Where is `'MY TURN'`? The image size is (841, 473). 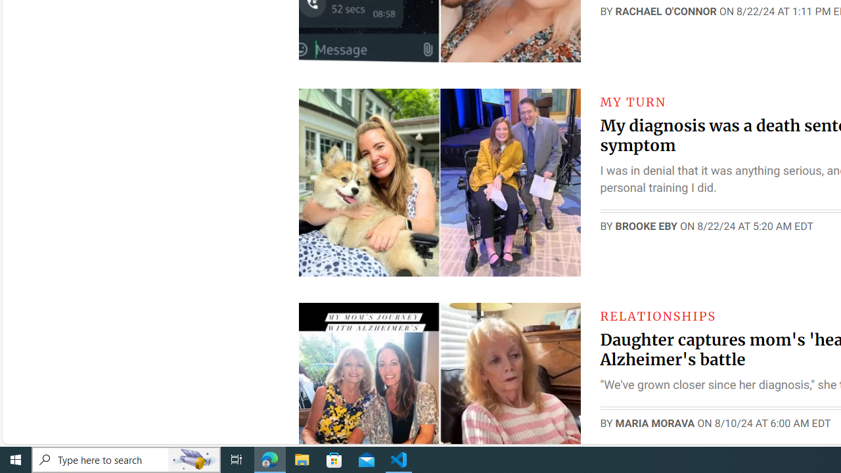 'MY TURN' is located at coordinates (633, 101).